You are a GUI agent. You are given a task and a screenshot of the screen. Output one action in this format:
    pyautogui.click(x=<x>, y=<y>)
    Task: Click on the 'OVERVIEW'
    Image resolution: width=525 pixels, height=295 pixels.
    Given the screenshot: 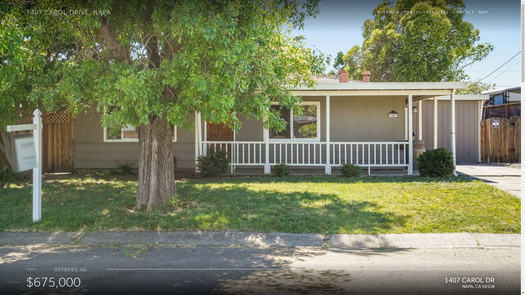 What is the action you would take?
    pyautogui.click(x=388, y=12)
    